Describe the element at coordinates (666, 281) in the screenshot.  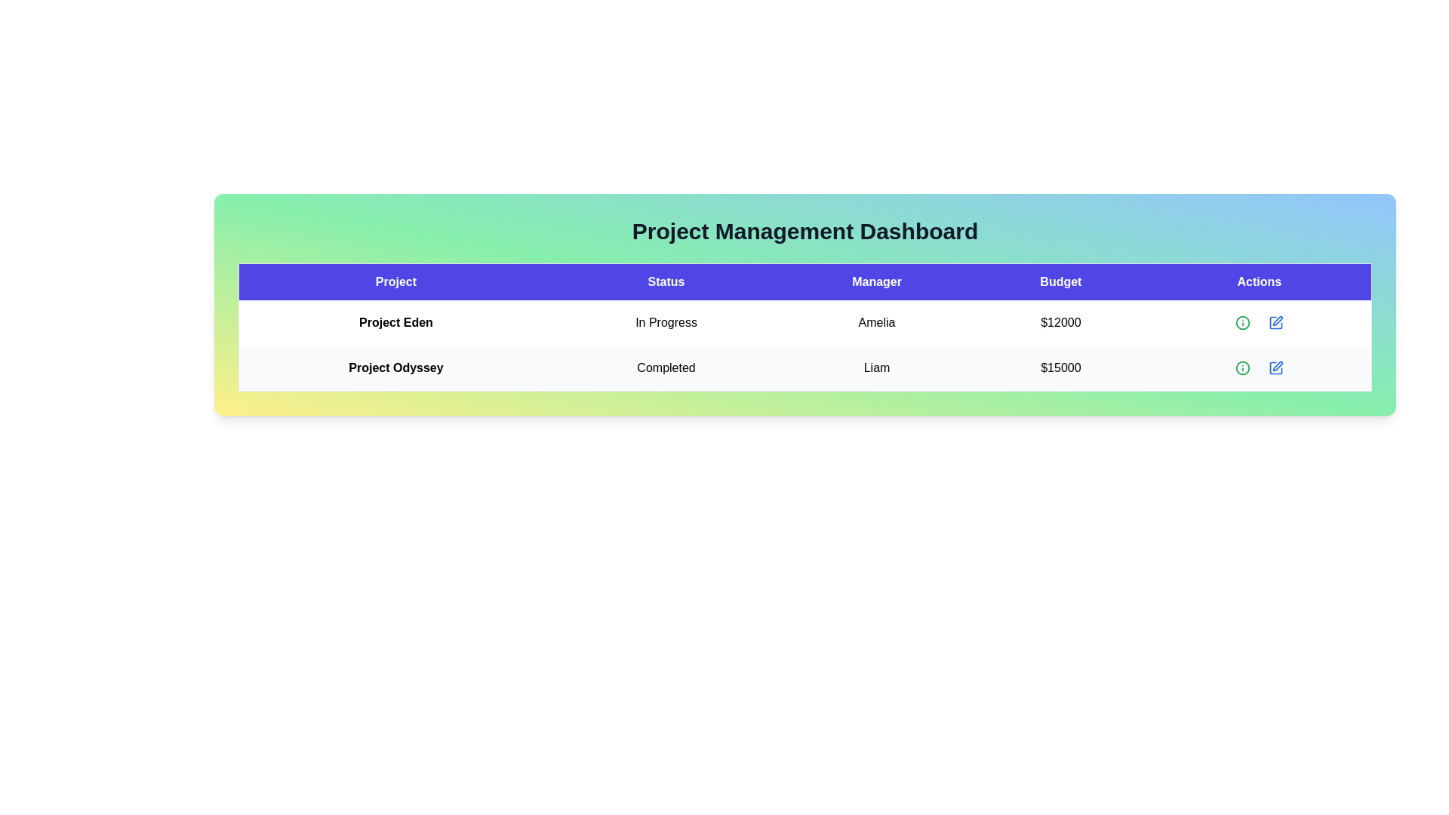
I see `the 'Status' text label` at that location.